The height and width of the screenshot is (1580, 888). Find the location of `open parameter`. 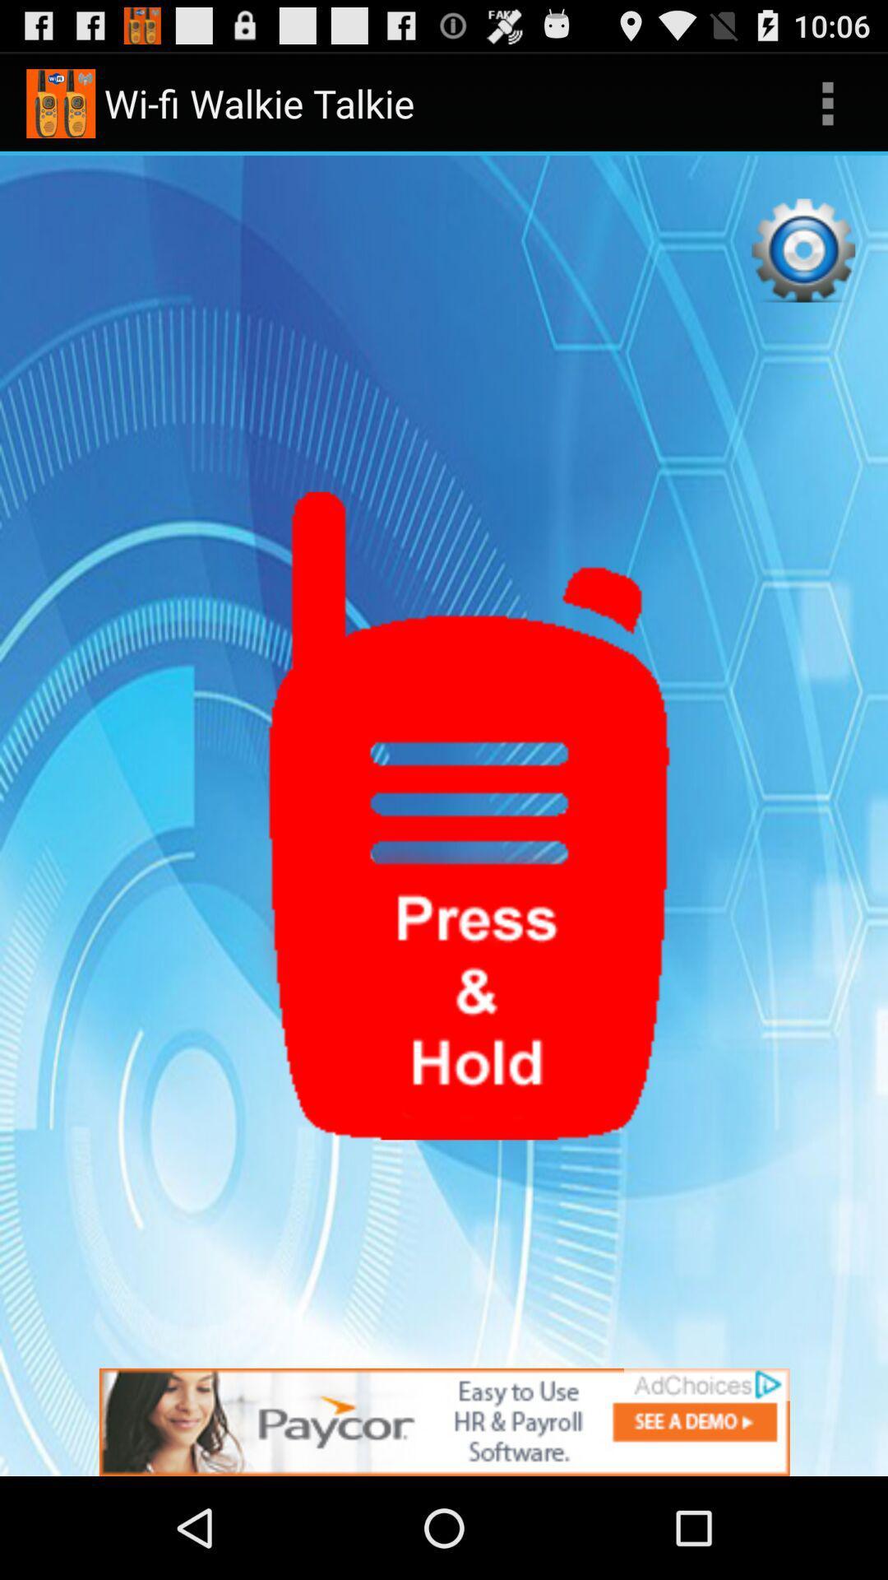

open parameter is located at coordinates (802, 249).